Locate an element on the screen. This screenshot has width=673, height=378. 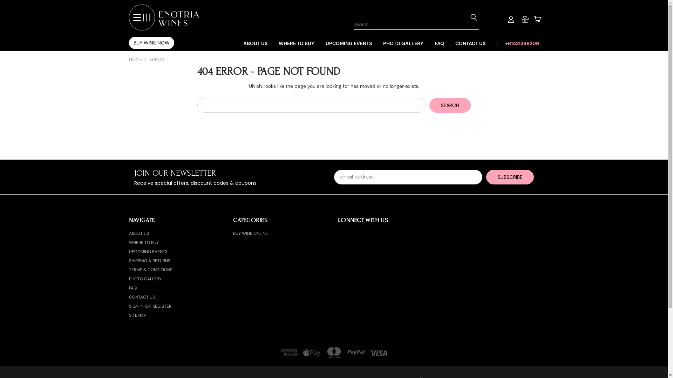
'Search' is located at coordinates (450, 105).